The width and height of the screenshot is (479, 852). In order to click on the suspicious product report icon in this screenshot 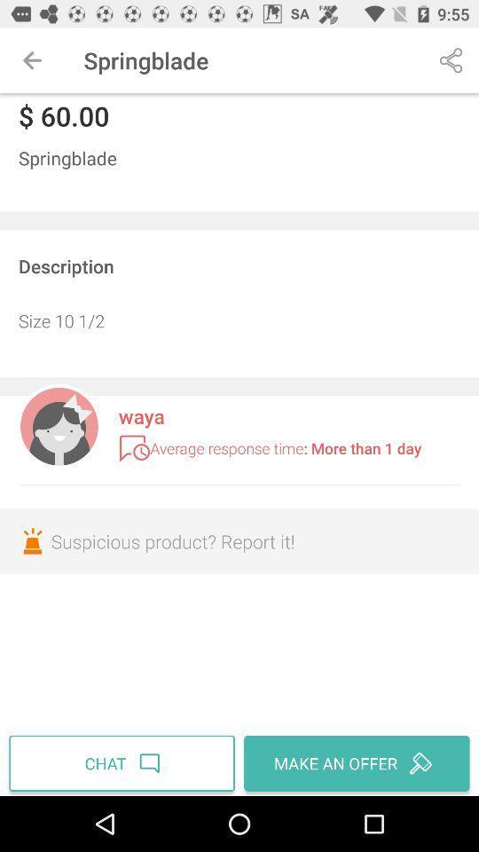, I will do `click(239, 540)`.